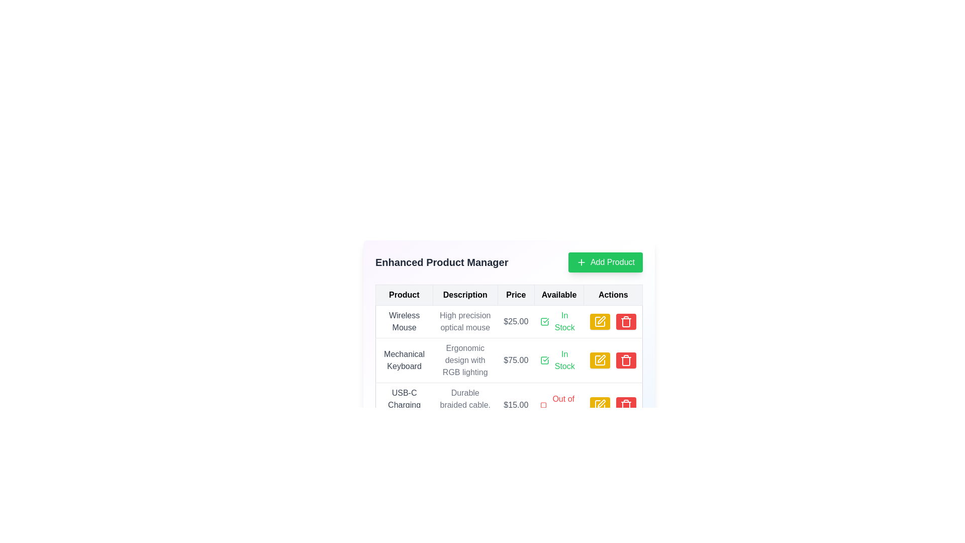 The image size is (965, 543). I want to click on the static text label that provides a description of the product 'Wireless Mouse' located in the second cell of the first row of a table under the 'Description' header, so click(464, 322).